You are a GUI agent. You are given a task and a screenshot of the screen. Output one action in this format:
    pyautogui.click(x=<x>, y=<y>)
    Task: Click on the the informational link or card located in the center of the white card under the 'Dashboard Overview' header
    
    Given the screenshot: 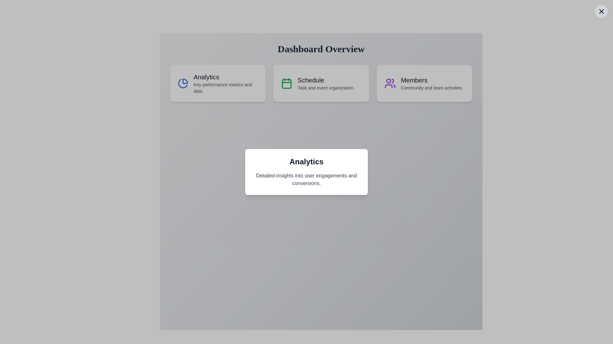 What is the action you would take?
    pyautogui.click(x=321, y=83)
    